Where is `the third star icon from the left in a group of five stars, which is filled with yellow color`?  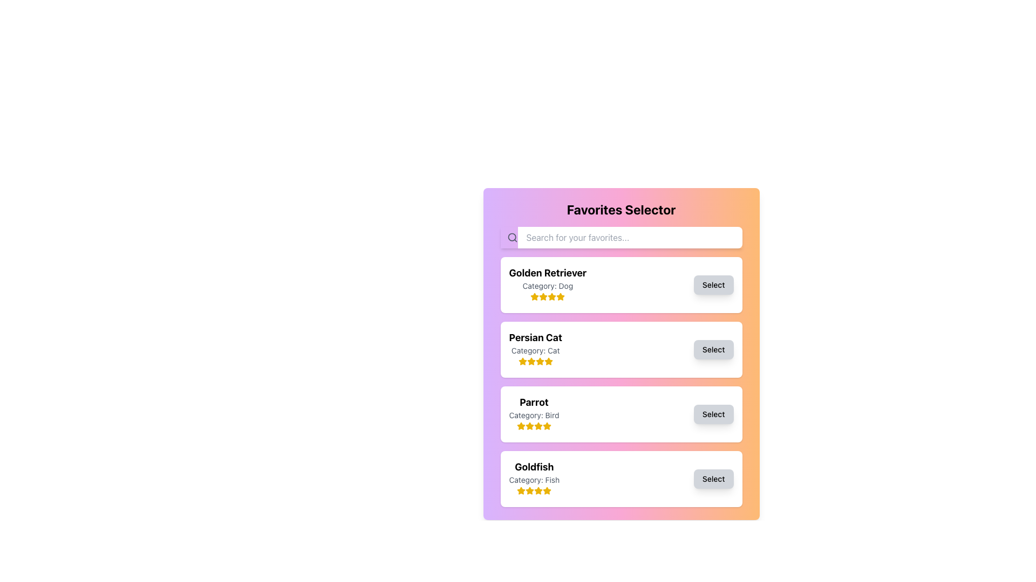
the third star icon from the left in a group of five stars, which is filled with yellow color is located at coordinates (543, 297).